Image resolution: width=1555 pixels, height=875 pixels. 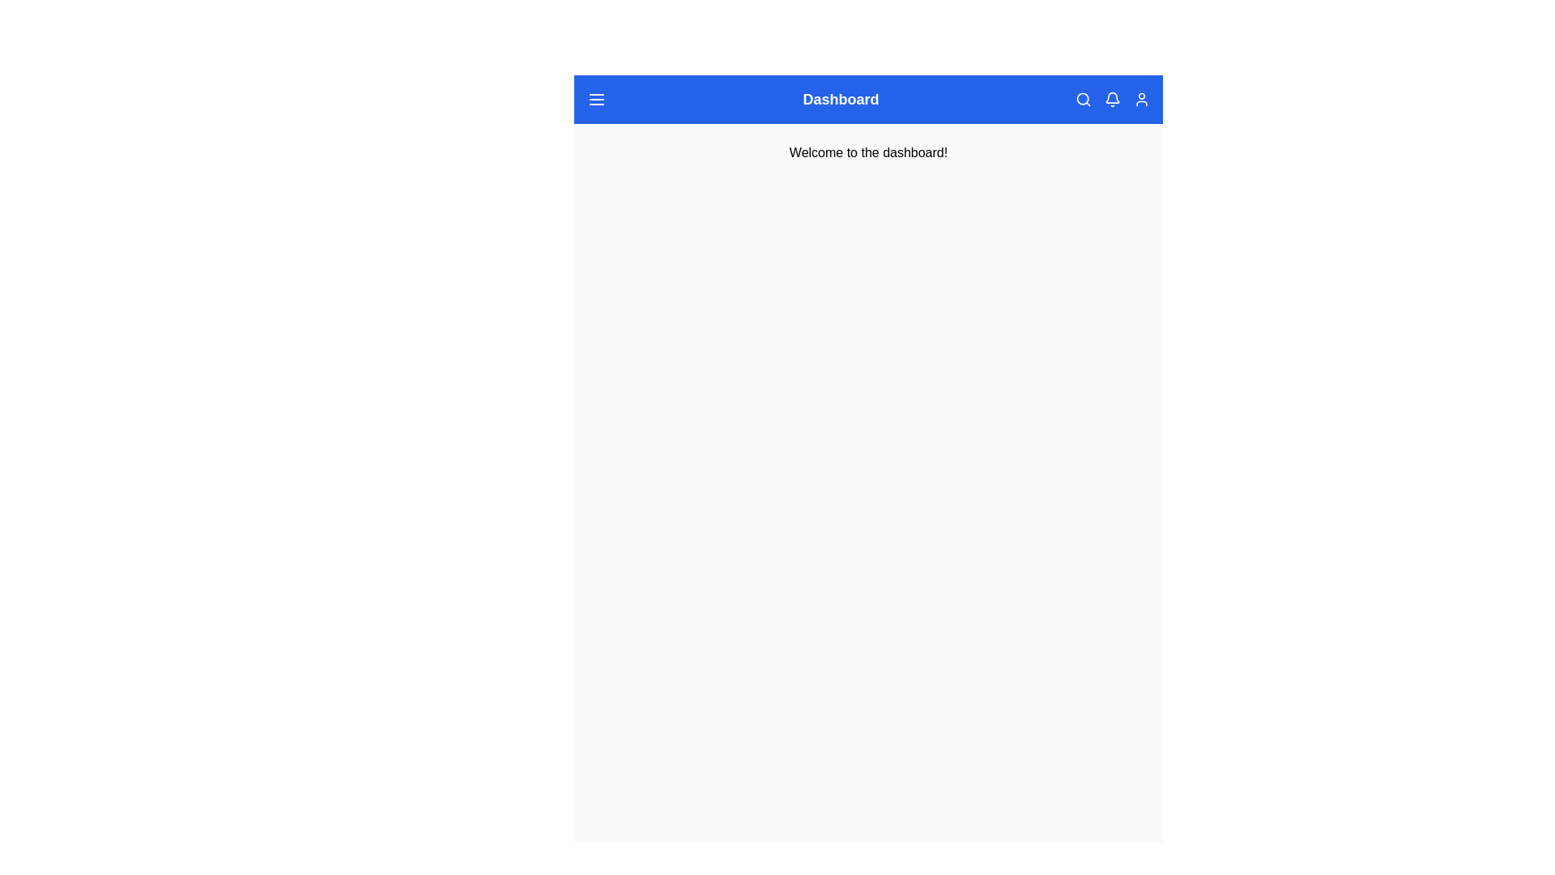 What do you see at coordinates (1084, 100) in the screenshot?
I see `the search icon button located at the top right of the app bar` at bounding box center [1084, 100].